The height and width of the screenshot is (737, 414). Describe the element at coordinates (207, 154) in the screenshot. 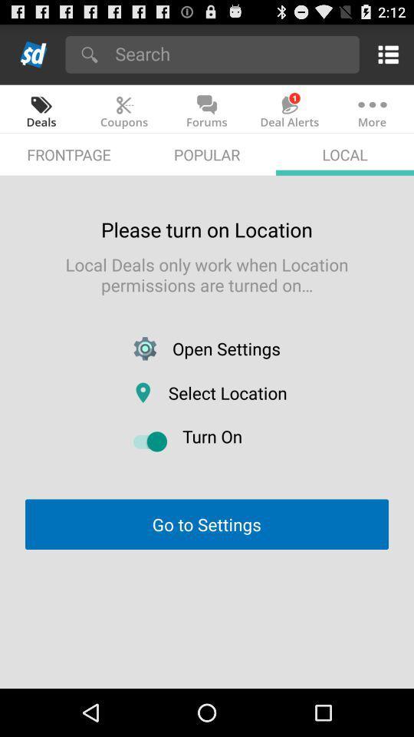

I see `icon next to local item` at that location.